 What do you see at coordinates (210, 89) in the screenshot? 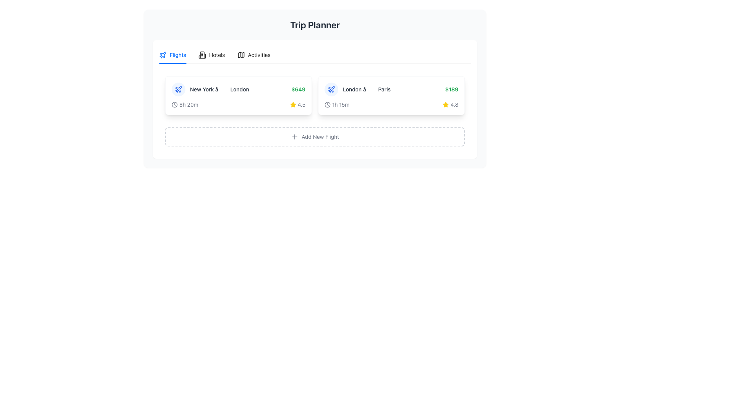
I see `the Text label that displays the flight route, located above the flight duration '8h 20m' and to the left of the flight price '$649'` at bounding box center [210, 89].